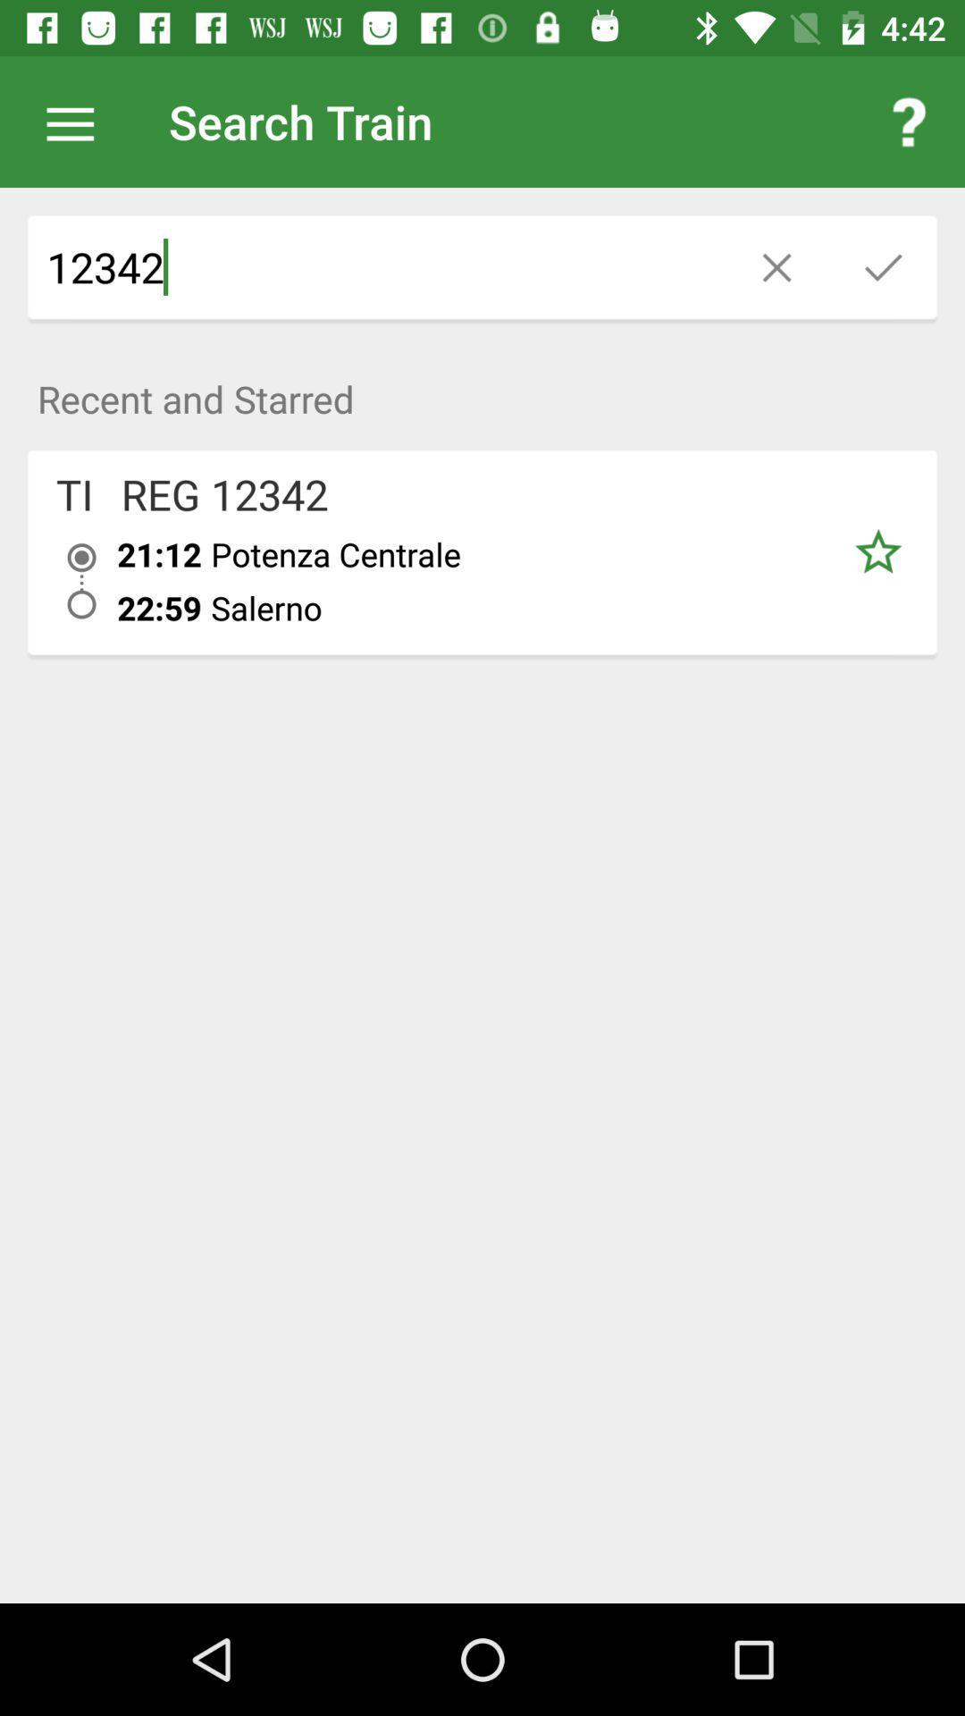 This screenshot has height=1716, width=965. Describe the element at coordinates (79, 121) in the screenshot. I see `app to the left of search train` at that location.